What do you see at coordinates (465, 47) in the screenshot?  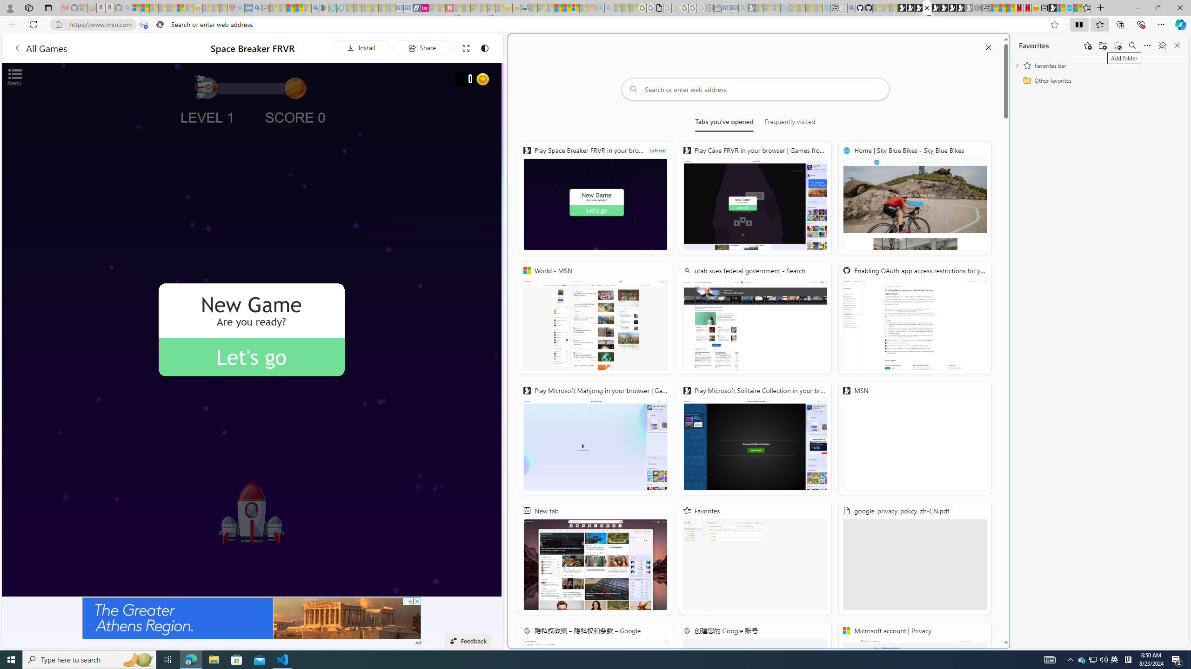 I see `'Full screen'` at bounding box center [465, 47].